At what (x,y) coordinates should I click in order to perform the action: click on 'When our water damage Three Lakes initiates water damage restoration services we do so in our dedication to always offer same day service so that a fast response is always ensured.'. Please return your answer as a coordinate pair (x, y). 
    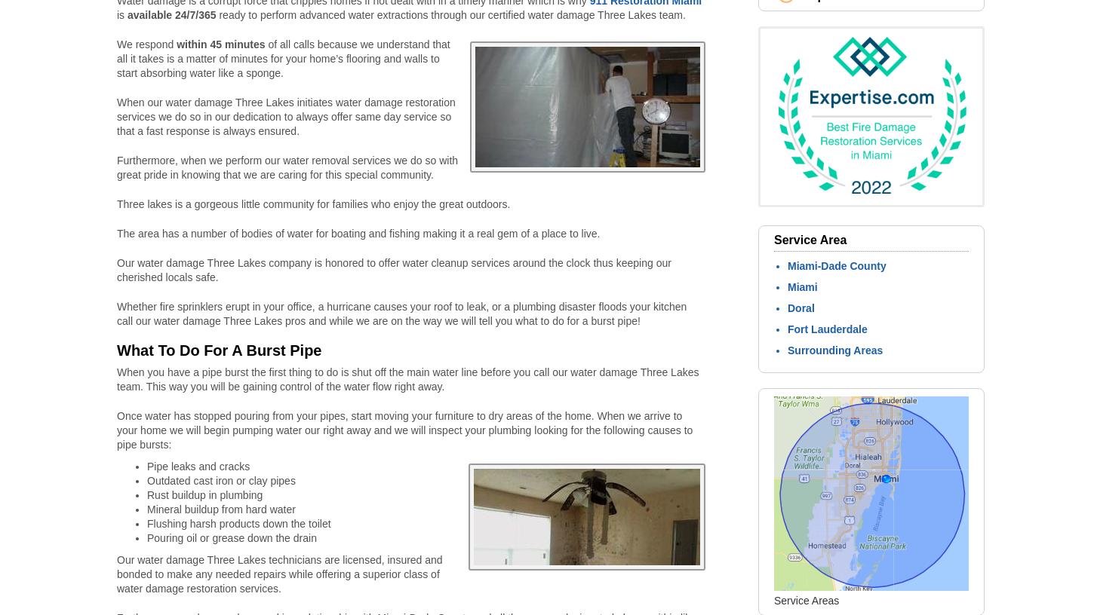
    Looking at the image, I should click on (285, 117).